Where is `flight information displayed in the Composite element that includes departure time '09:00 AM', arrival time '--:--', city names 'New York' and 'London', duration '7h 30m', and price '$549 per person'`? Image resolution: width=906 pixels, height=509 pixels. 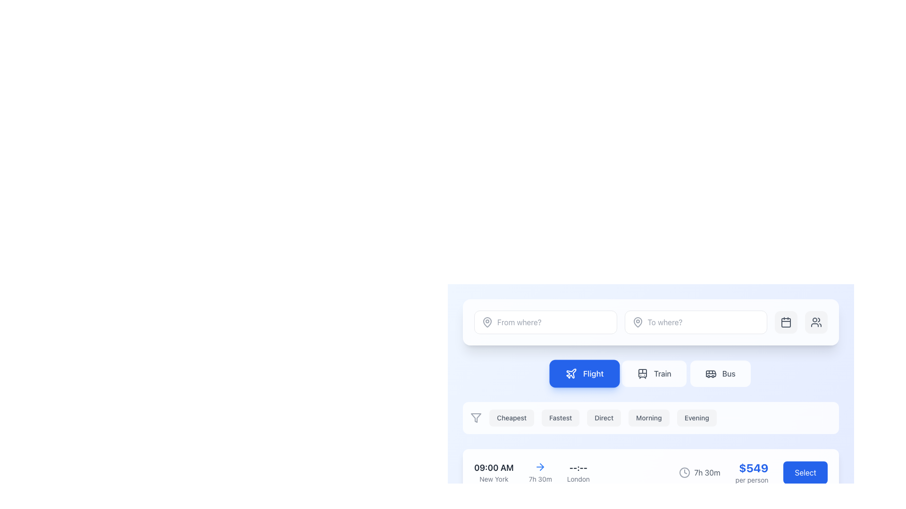 flight information displayed in the Composite element that includes departure time '09:00 AM', arrival time '--:--', city names 'New York' and 'London', duration '7h 30m', and price '$549 per person' is located at coordinates (650, 472).